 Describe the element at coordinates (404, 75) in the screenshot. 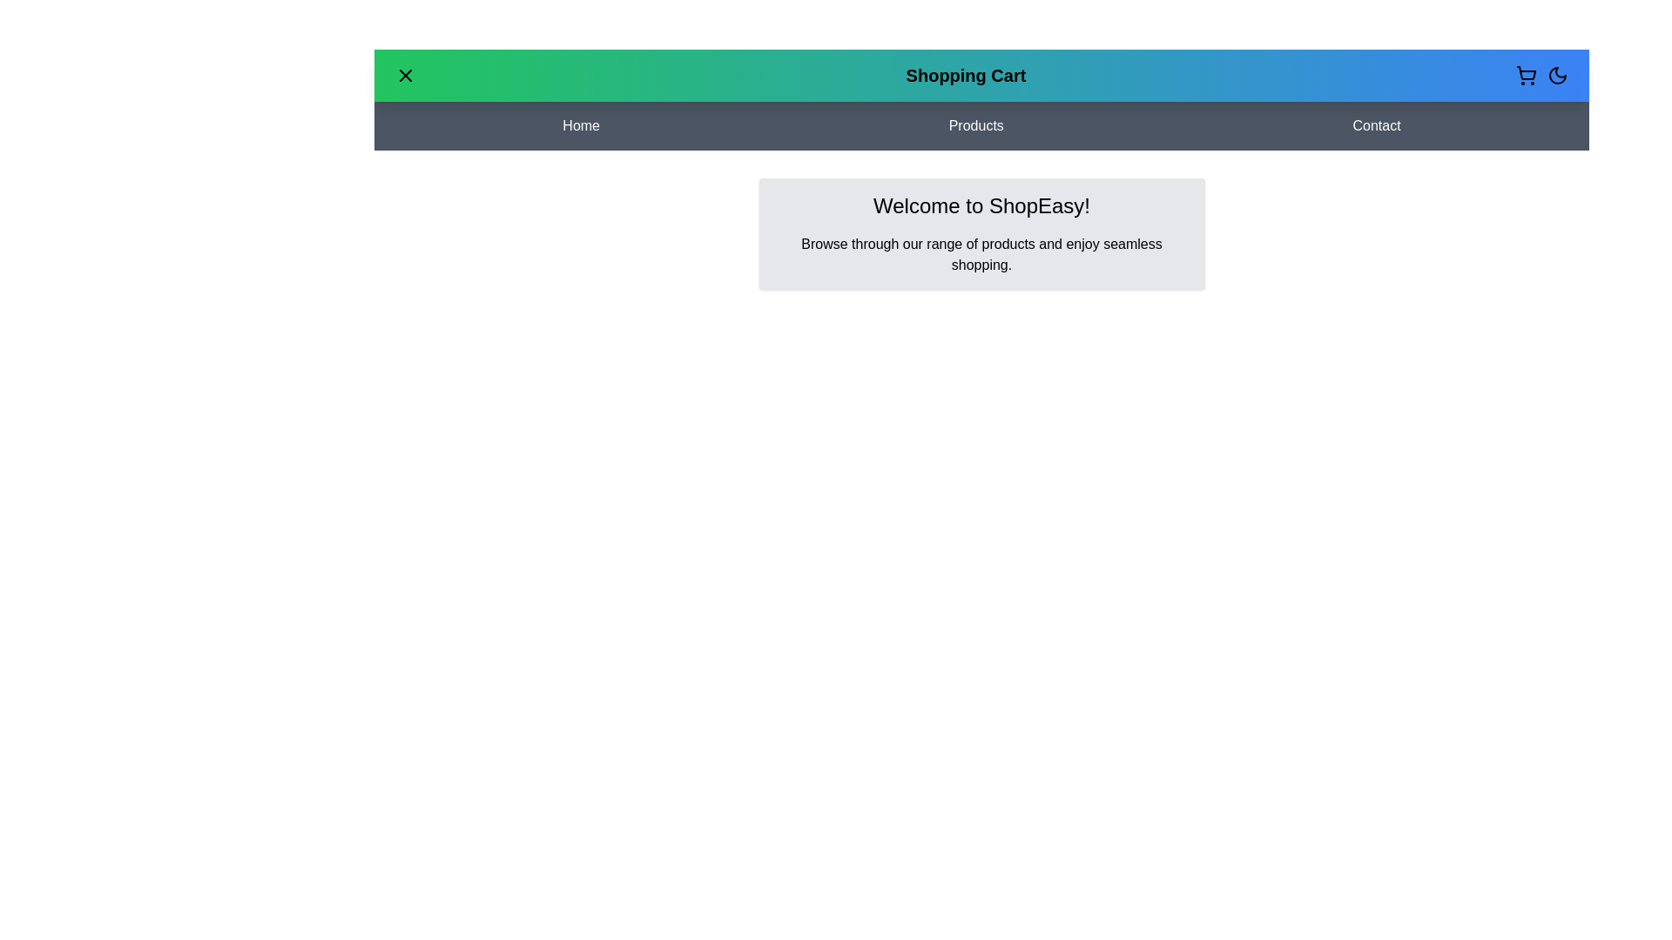

I see `the menu toggle button to toggle the menu open or closed` at that location.